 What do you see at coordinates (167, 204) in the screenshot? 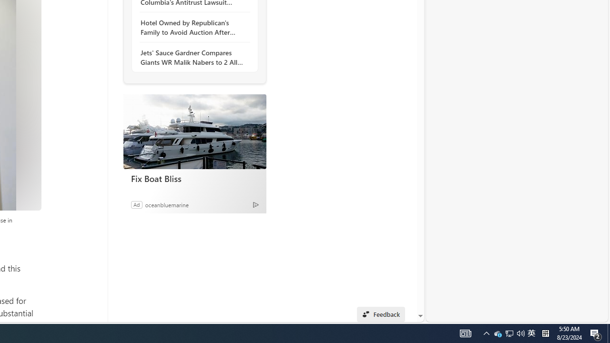
I see `'oceanbluemarine'` at bounding box center [167, 204].